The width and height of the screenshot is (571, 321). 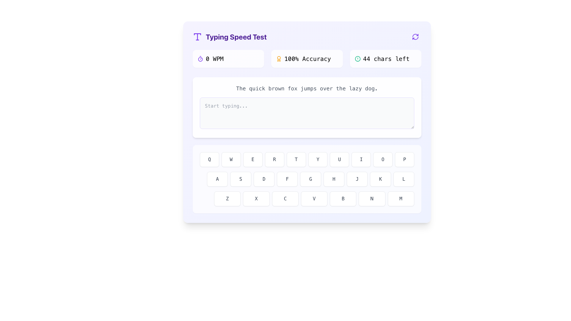 I want to click on the SVG graphical element that is part of the timer icon, located near the top section of the interface adjacent to the '0 WPM' text, so click(x=200, y=59).